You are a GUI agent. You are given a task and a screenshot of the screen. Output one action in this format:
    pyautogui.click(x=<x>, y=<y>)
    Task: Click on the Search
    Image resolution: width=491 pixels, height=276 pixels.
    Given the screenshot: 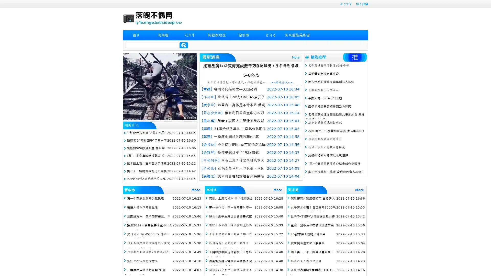 What is the action you would take?
    pyautogui.click(x=184, y=45)
    